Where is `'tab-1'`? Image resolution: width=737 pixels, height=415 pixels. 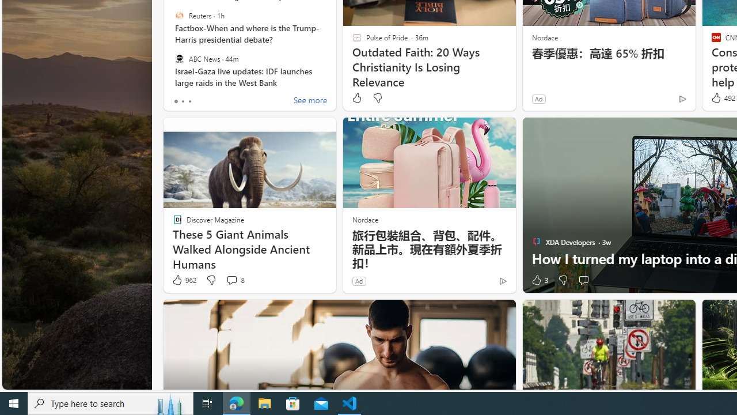 'tab-1' is located at coordinates (182, 101).